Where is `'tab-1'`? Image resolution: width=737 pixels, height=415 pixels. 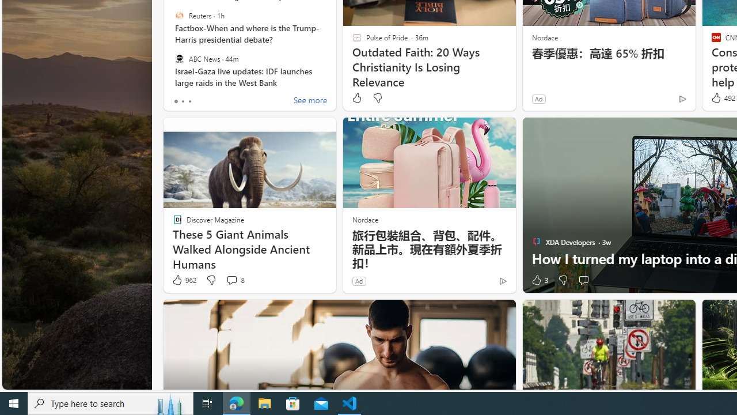 'tab-1' is located at coordinates (182, 101).